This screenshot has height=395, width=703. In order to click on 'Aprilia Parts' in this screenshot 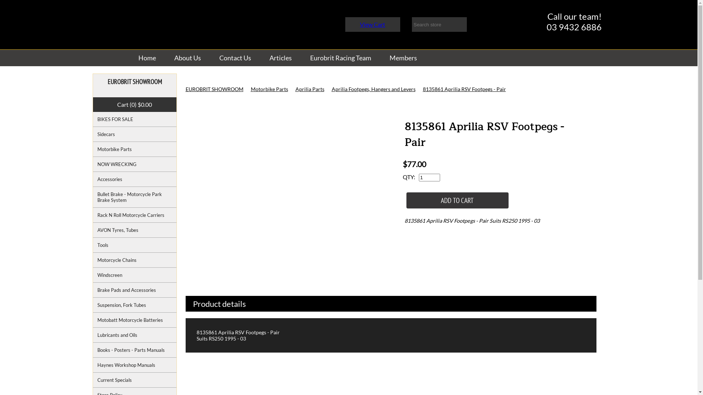, I will do `click(309, 89)`.